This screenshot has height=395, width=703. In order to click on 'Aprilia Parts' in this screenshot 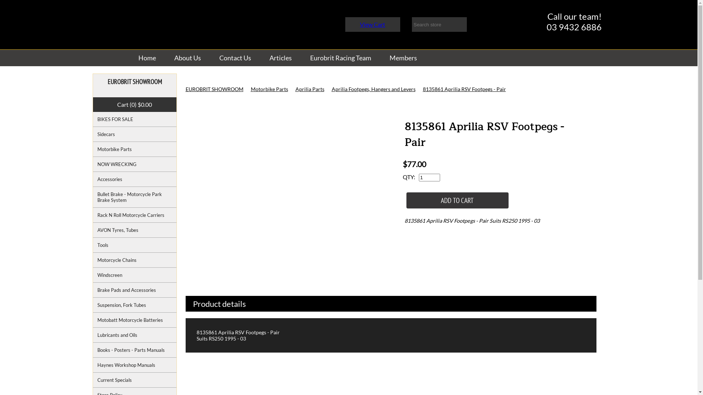, I will do `click(309, 89)`.